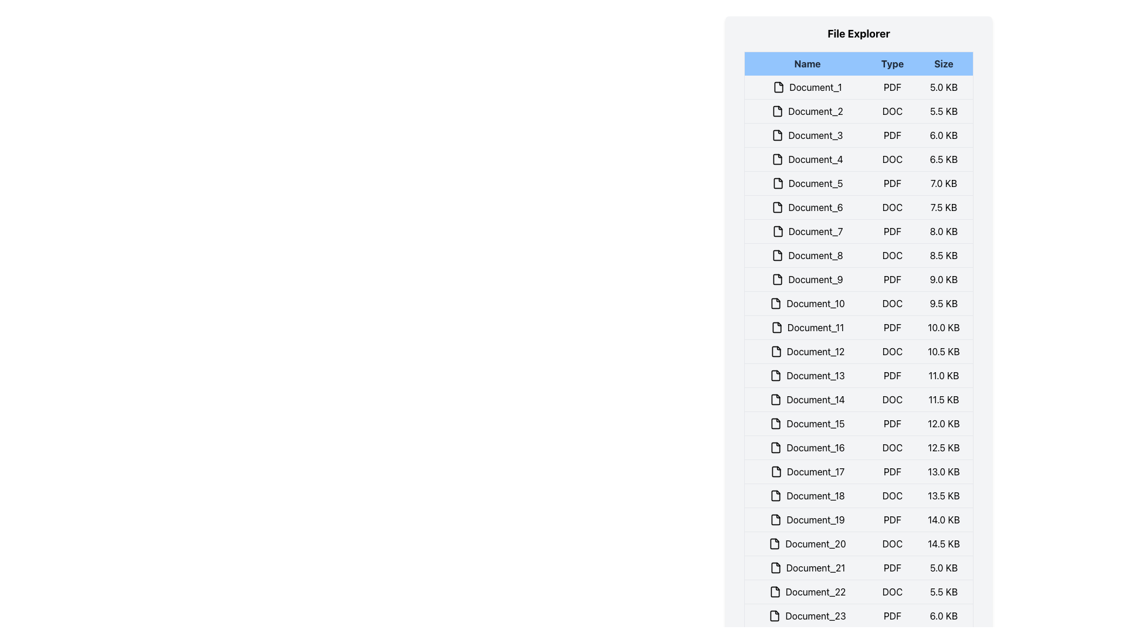 The height and width of the screenshot is (633, 1126). I want to click on the document icon, which is a rectangular shape resembling a sheet of paper with a folded corner, positioned to the left of the text 'Document_13' in the file explorer, so click(776, 375).